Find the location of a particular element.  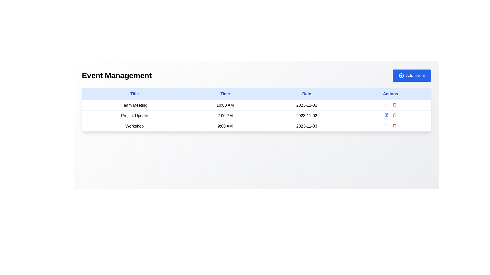

the trash can icon located in the 'Actions' column of the second row of the table is located at coordinates (394, 115).